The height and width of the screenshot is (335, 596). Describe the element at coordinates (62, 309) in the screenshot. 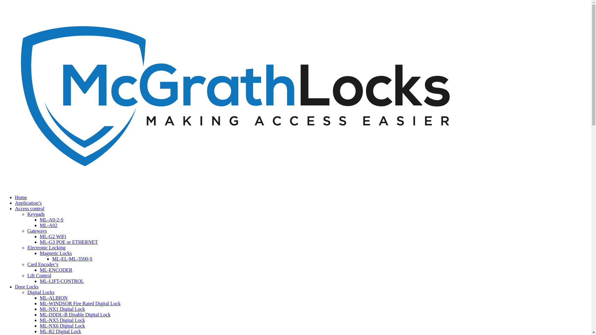

I see `'ML-NX1 Digital Lock'` at that location.